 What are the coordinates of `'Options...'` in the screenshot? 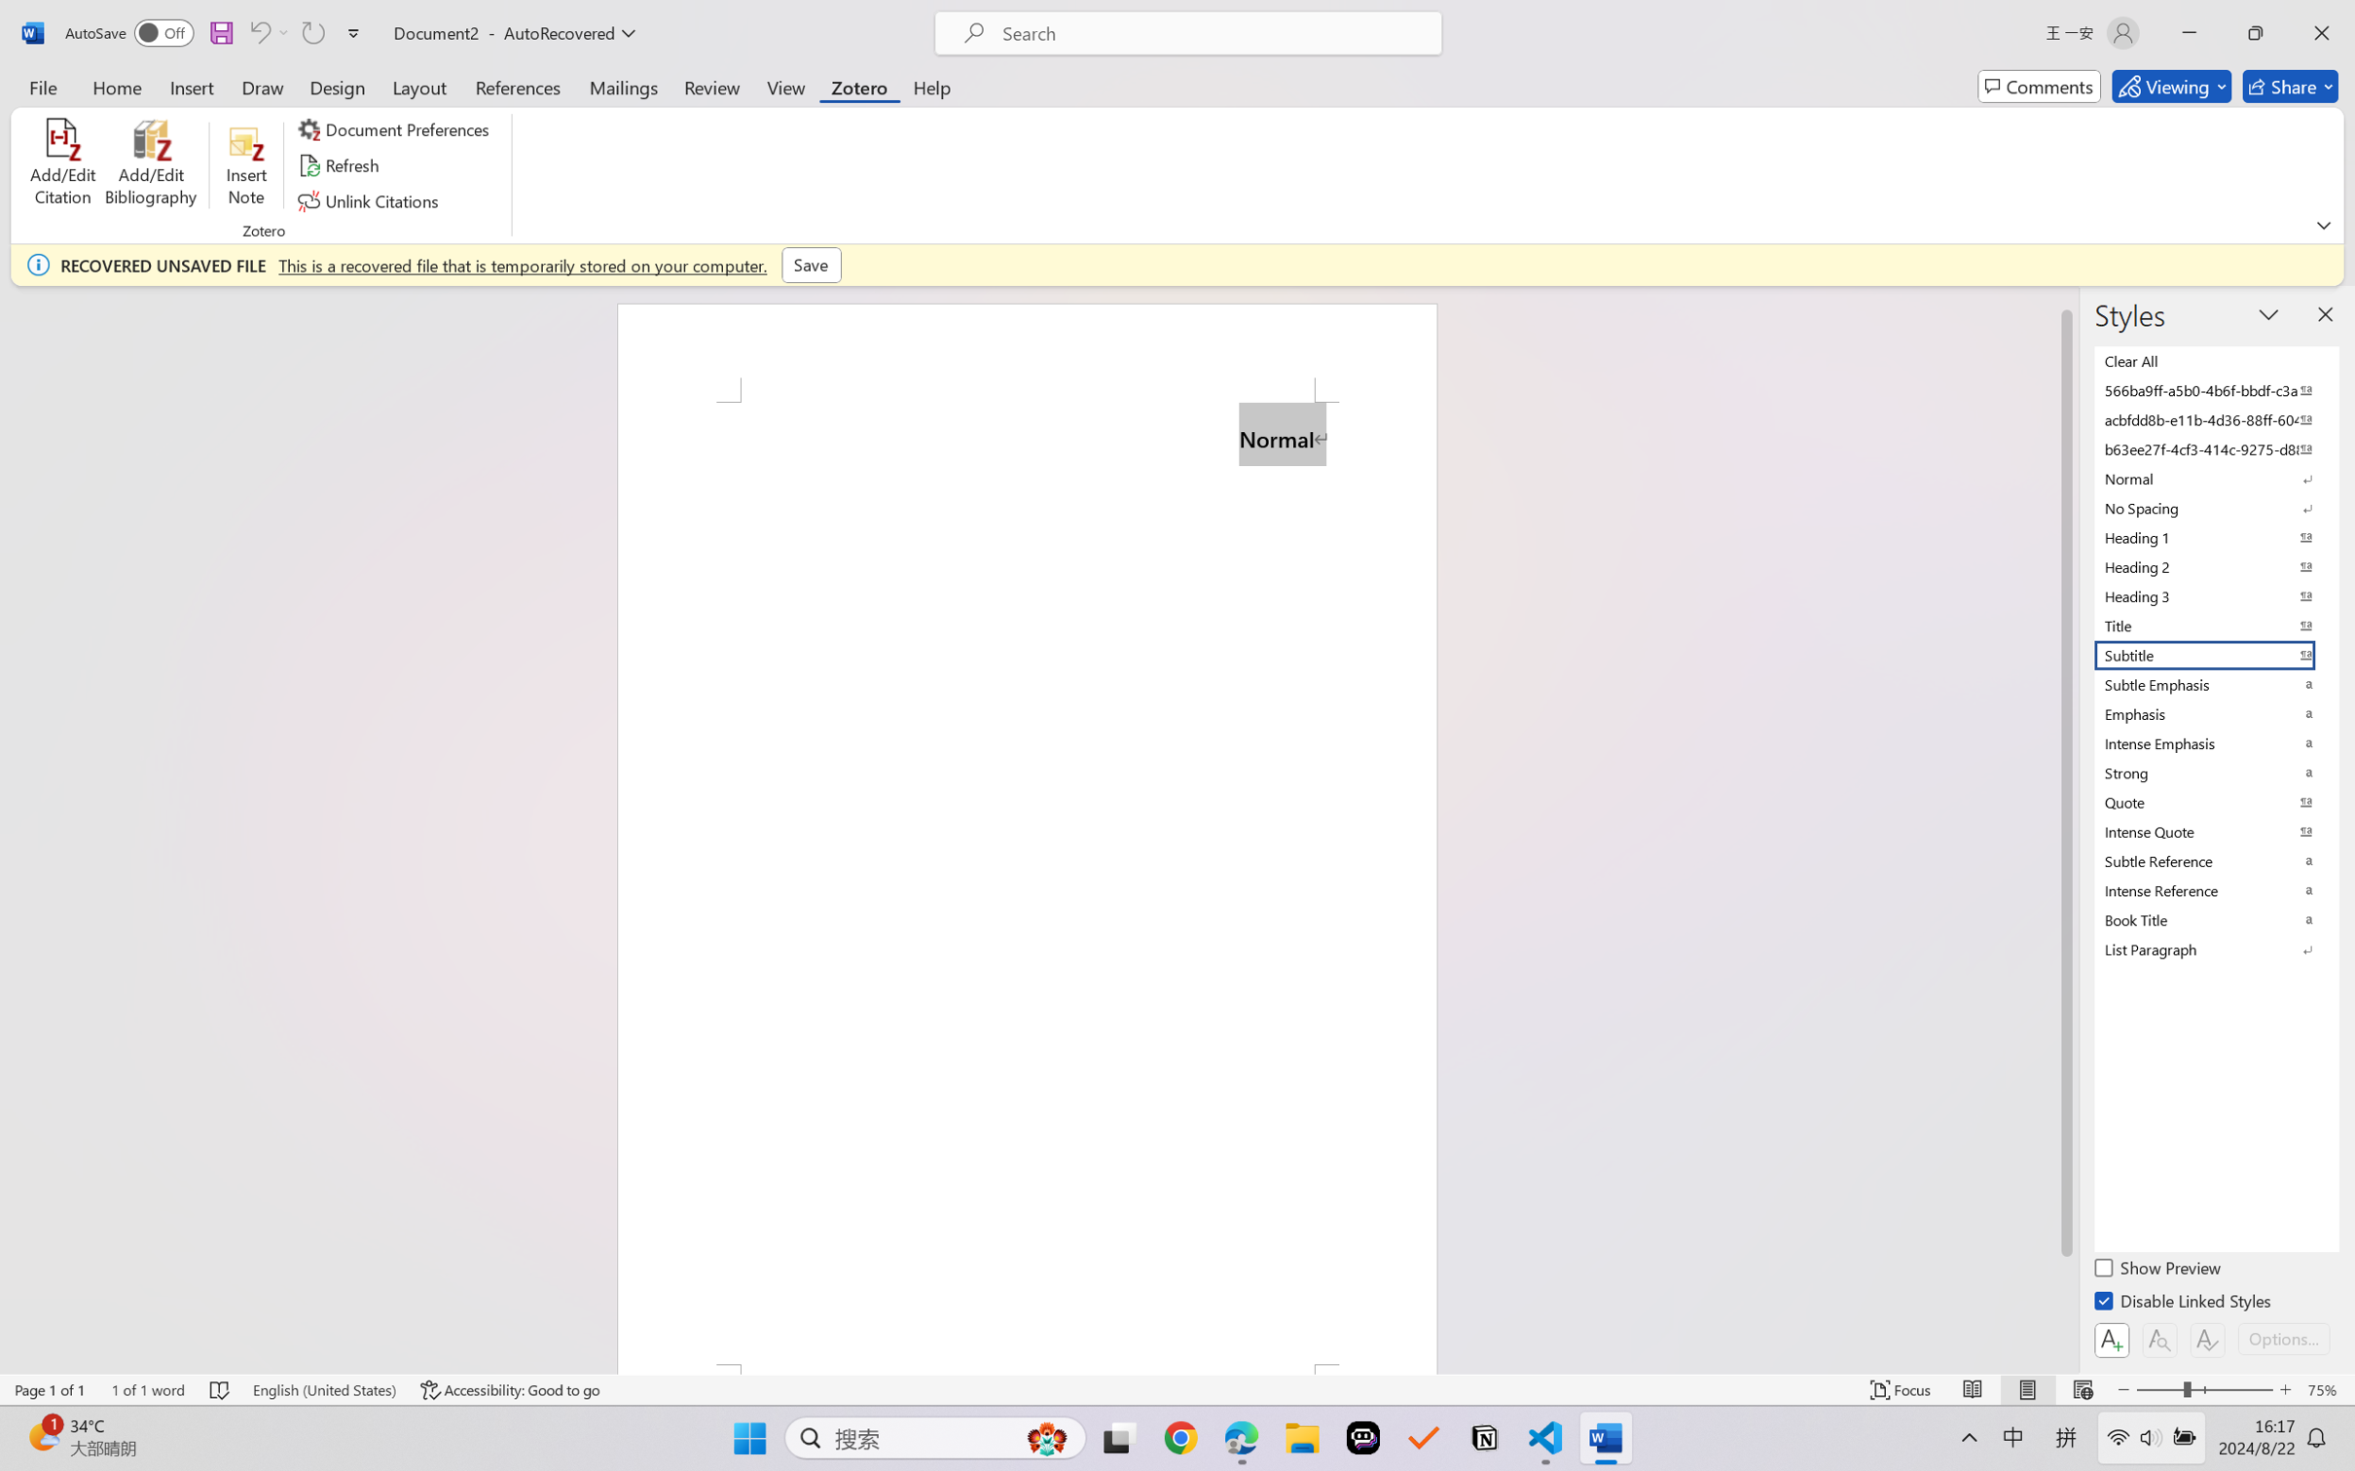 It's located at (2281, 1338).